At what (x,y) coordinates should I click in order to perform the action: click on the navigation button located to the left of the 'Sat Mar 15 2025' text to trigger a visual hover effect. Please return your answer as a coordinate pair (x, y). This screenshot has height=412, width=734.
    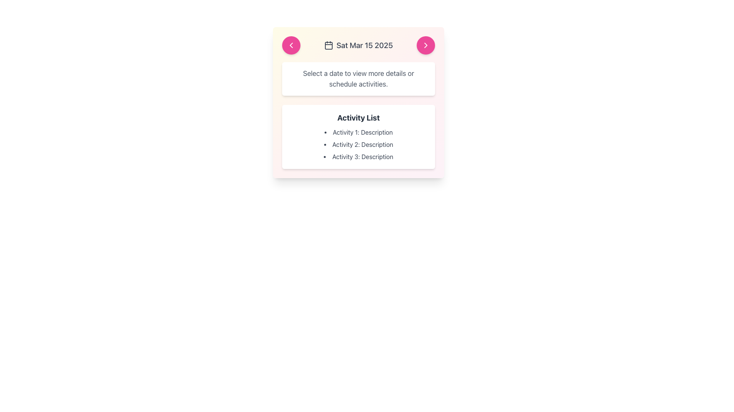
    Looking at the image, I should click on (291, 45).